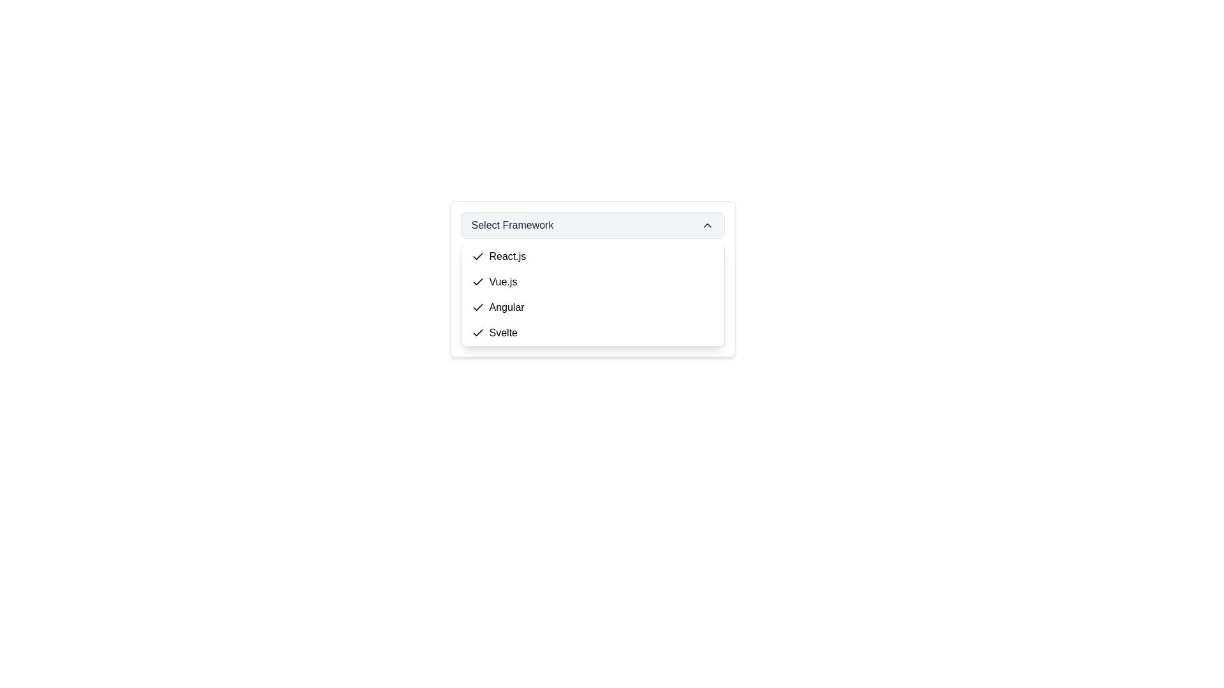  Describe the element at coordinates (506, 307) in the screenshot. I see `the 'Angular' dropdown list item, which is the third item in the dropdown menu under 'Select Framework', located next to a checkmark icon` at that location.